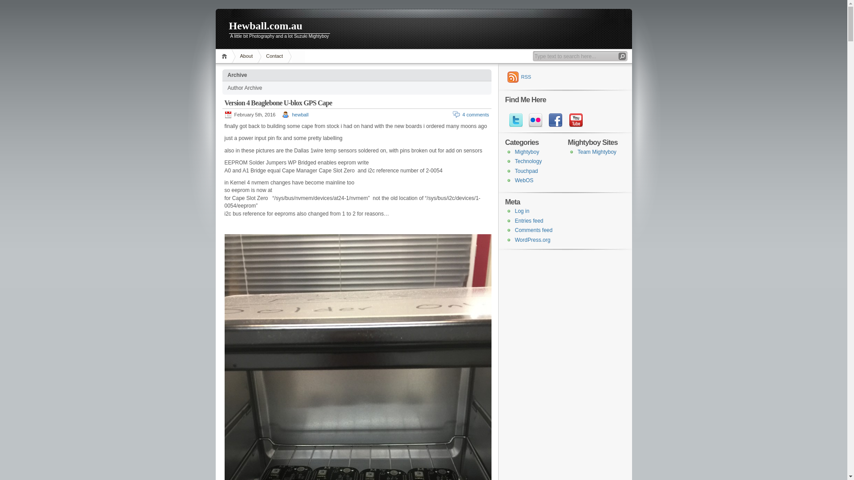  What do you see at coordinates (534, 120) in the screenshot?
I see `'flickr'` at bounding box center [534, 120].